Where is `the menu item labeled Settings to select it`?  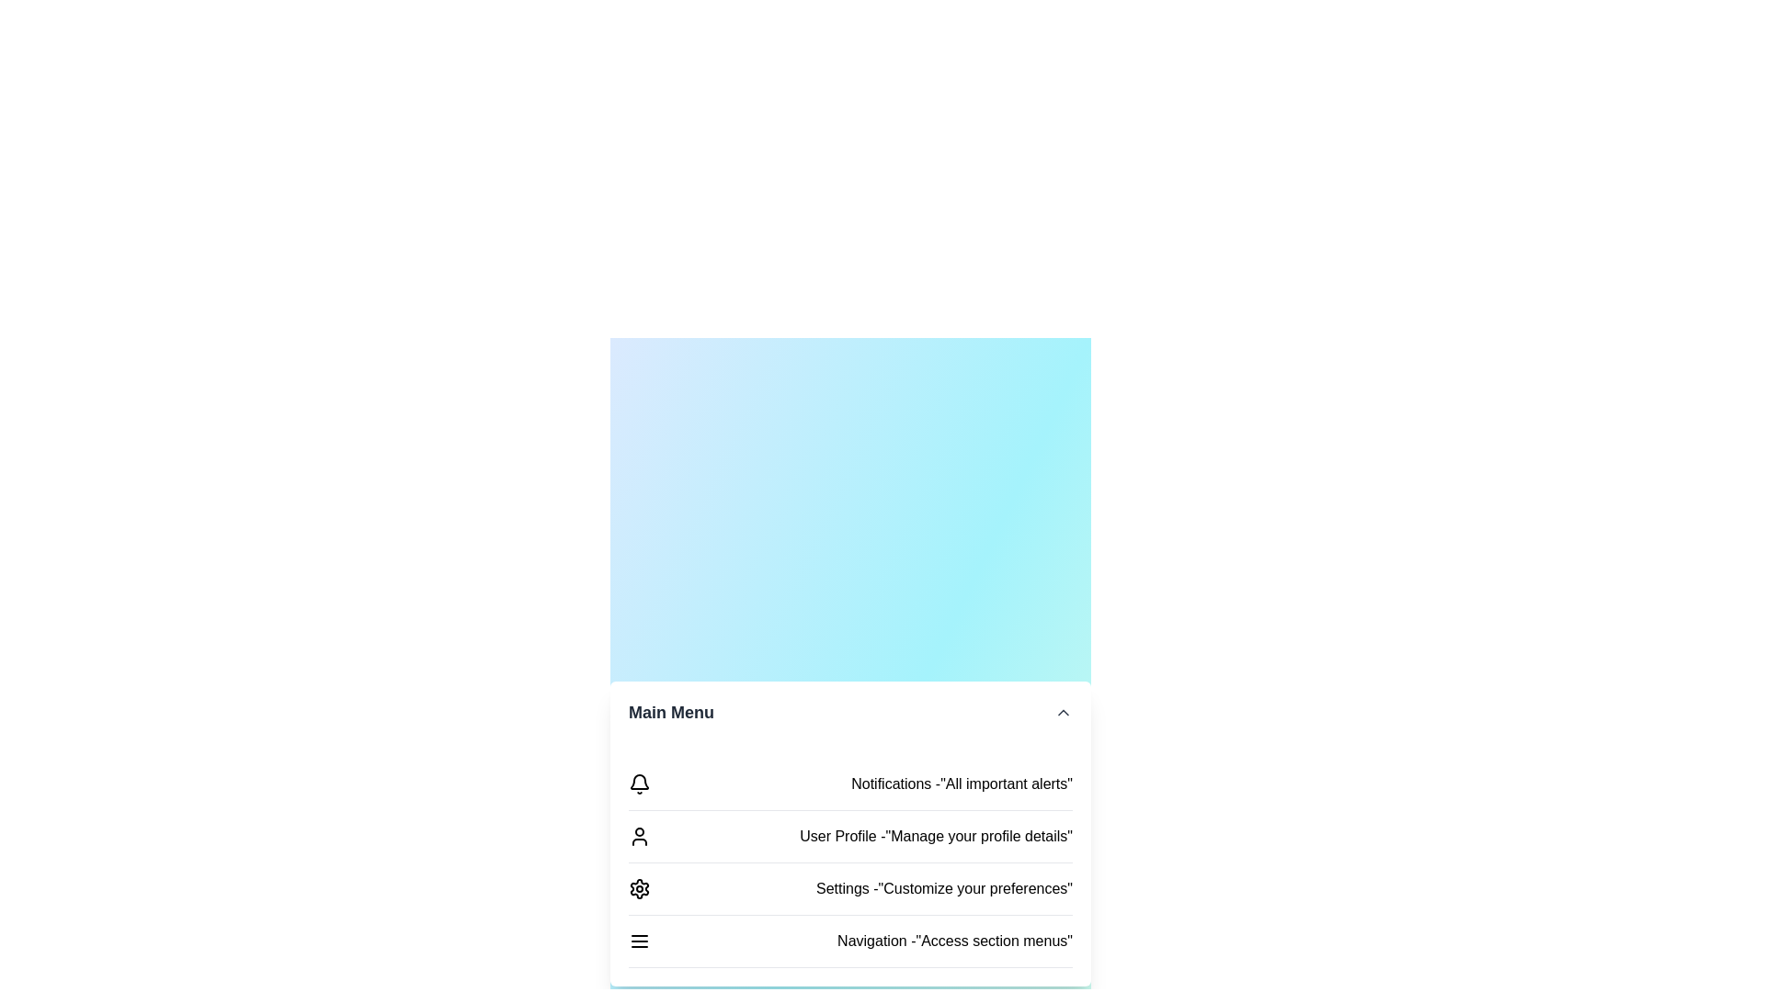 the menu item labeled Settings to select it is located at coordinates (640, 888).